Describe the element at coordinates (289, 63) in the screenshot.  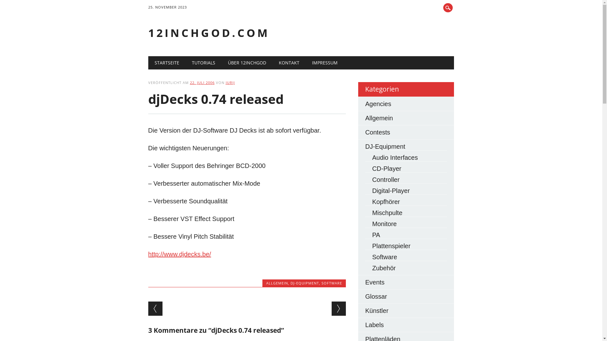
I see `'KONTAKT'` at that location.